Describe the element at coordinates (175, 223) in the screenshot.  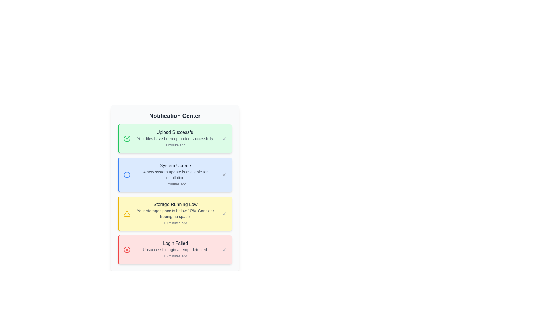
I see `the label indicating the time elapsed since the notification was generated, located at the bottom-right of the third notification card about storage space` at that location.